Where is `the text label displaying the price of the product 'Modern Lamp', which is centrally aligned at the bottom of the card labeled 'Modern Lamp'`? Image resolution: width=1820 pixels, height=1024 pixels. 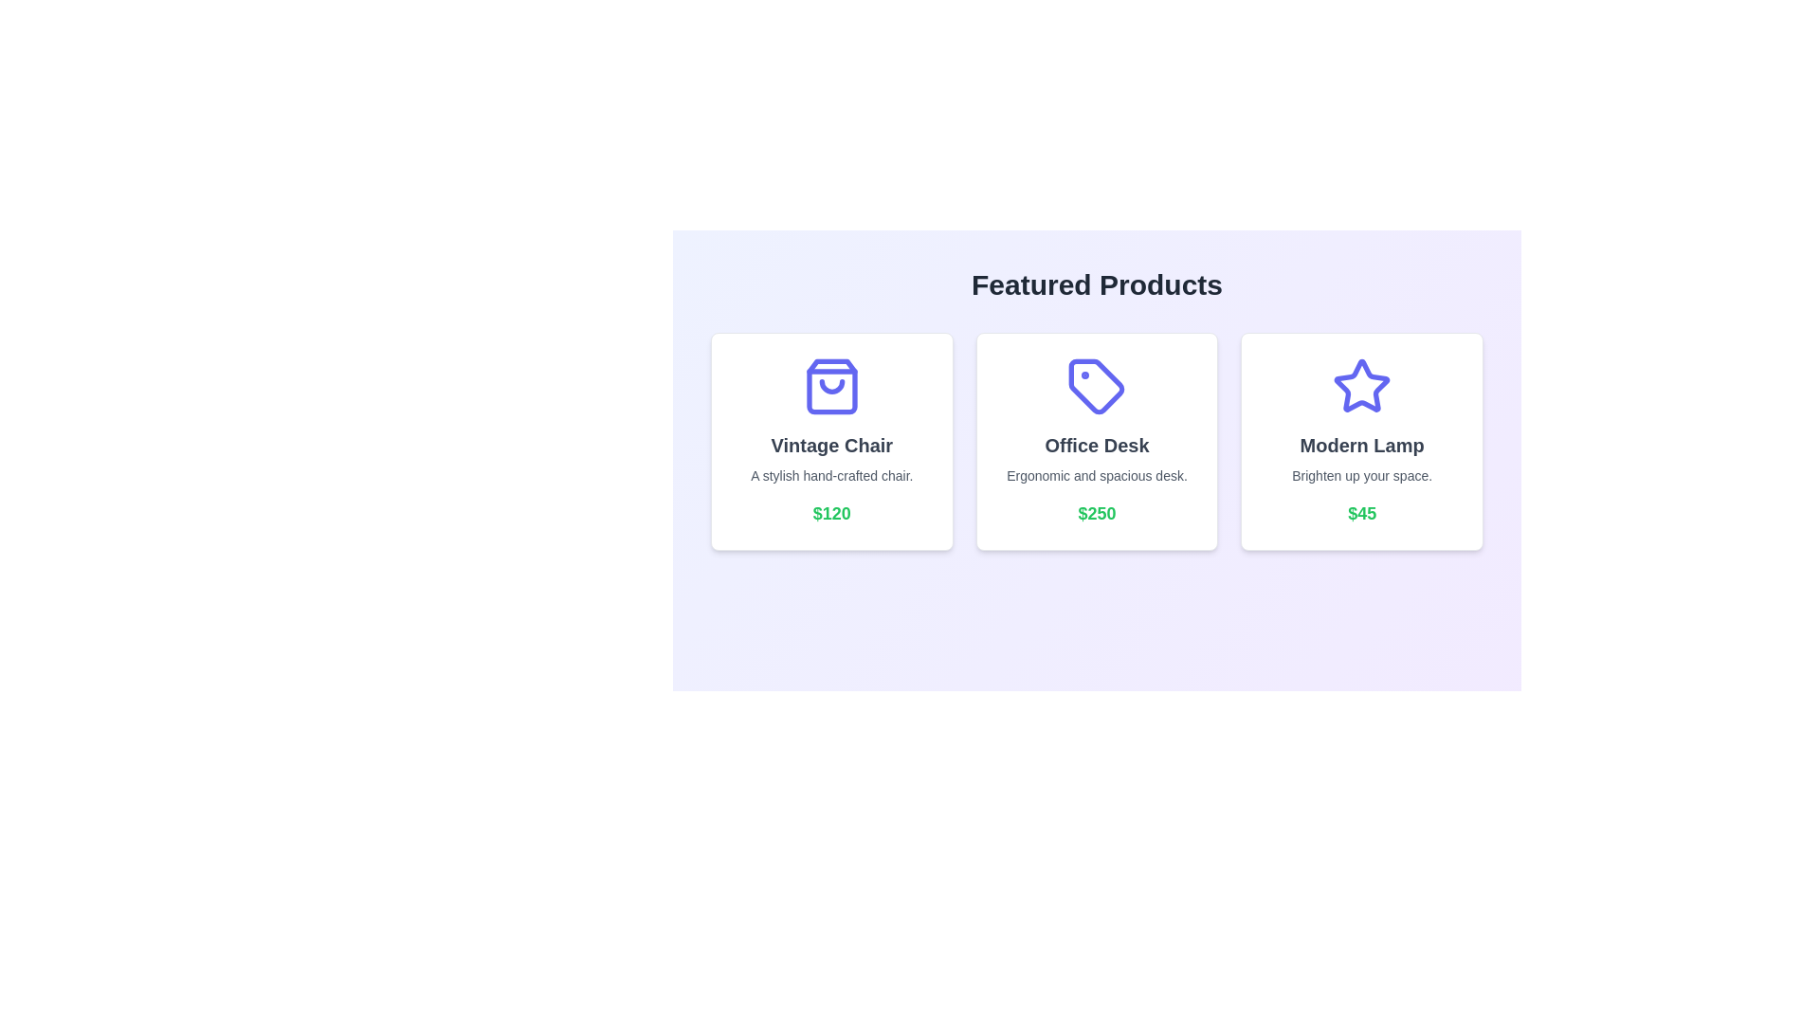 the text label displaying the price of the product 'Modern Lamp', which is centrally aligned at the bottom of the card labeled 'Modern Lamp' is located at coordinates (1361, 514).